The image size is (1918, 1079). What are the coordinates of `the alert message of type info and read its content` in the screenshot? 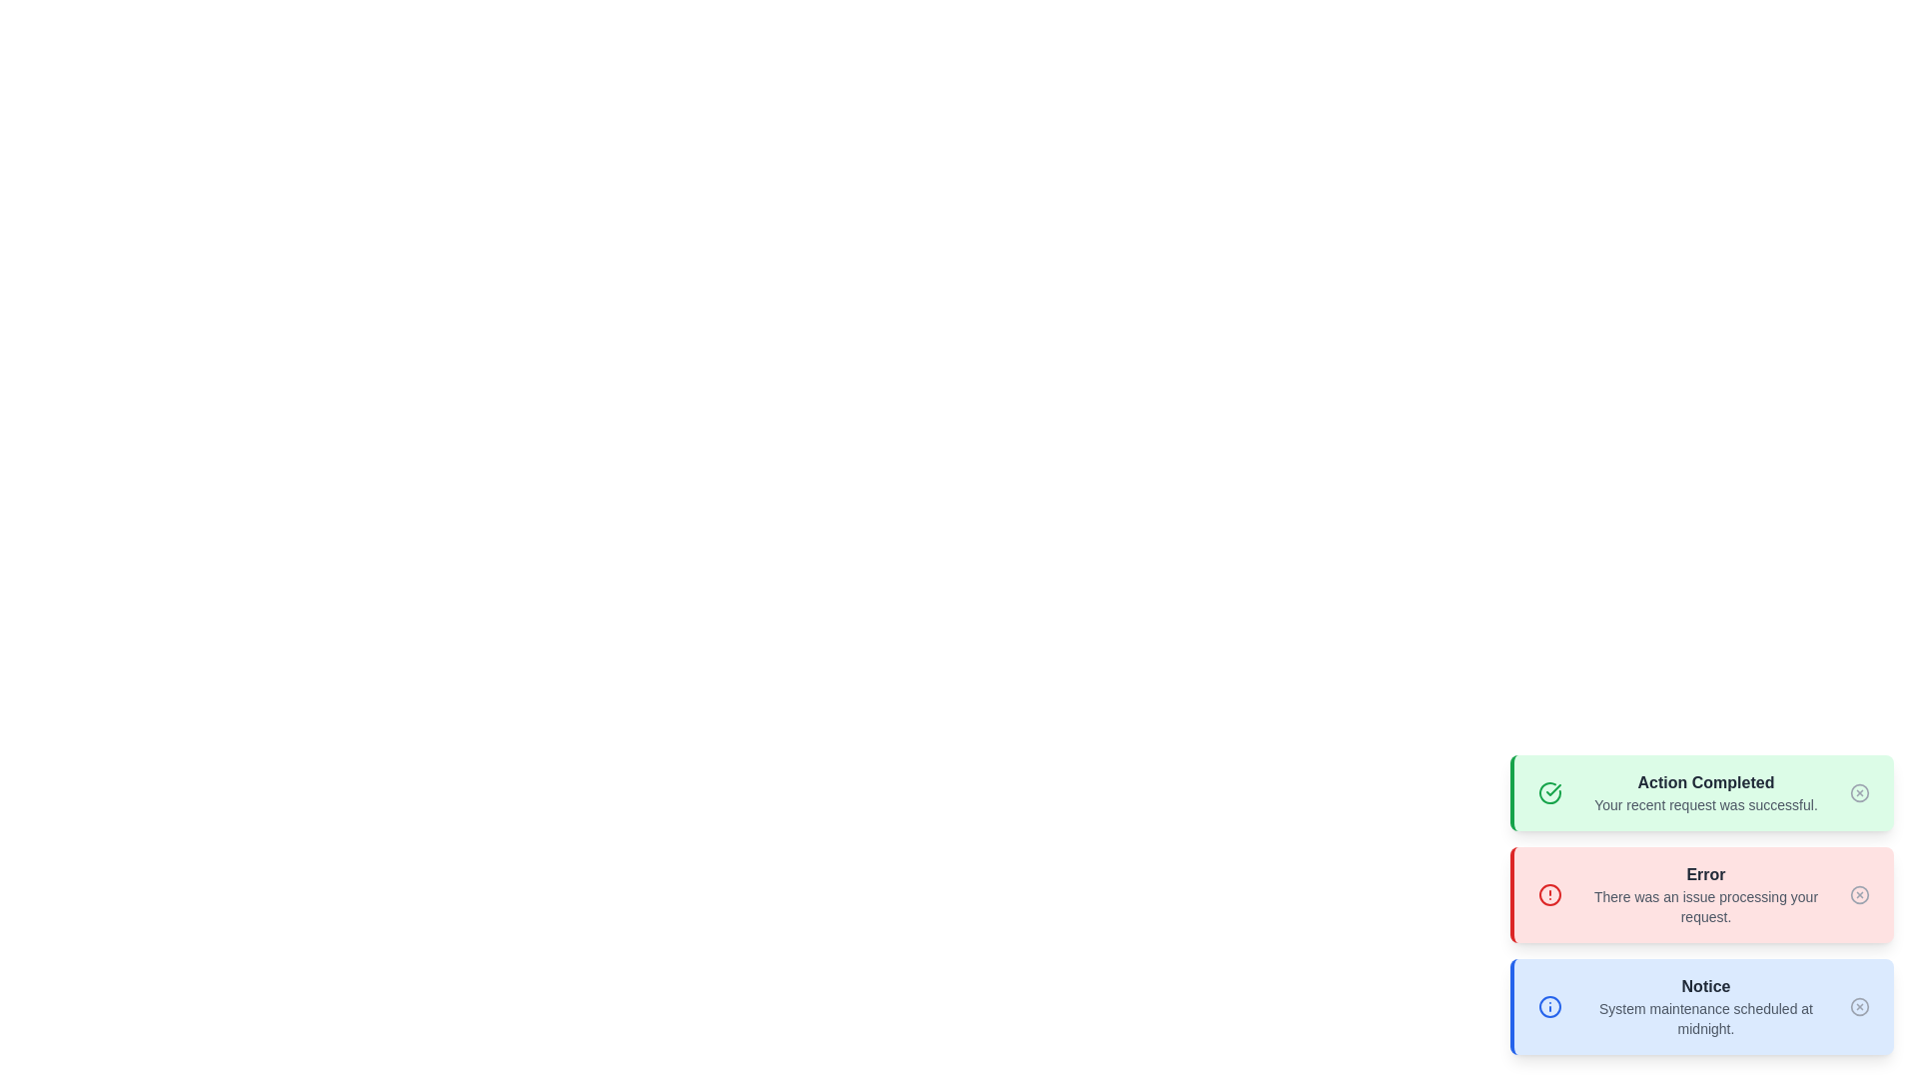 It's located at (1701, 1006).